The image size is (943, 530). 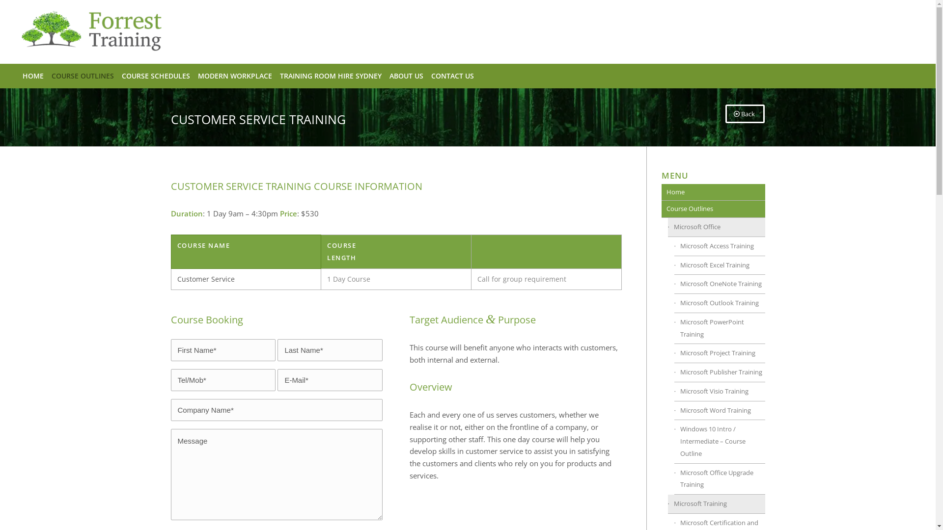 I want to click on 'Microsoft OneNote Training', so click(x=719, y=284).